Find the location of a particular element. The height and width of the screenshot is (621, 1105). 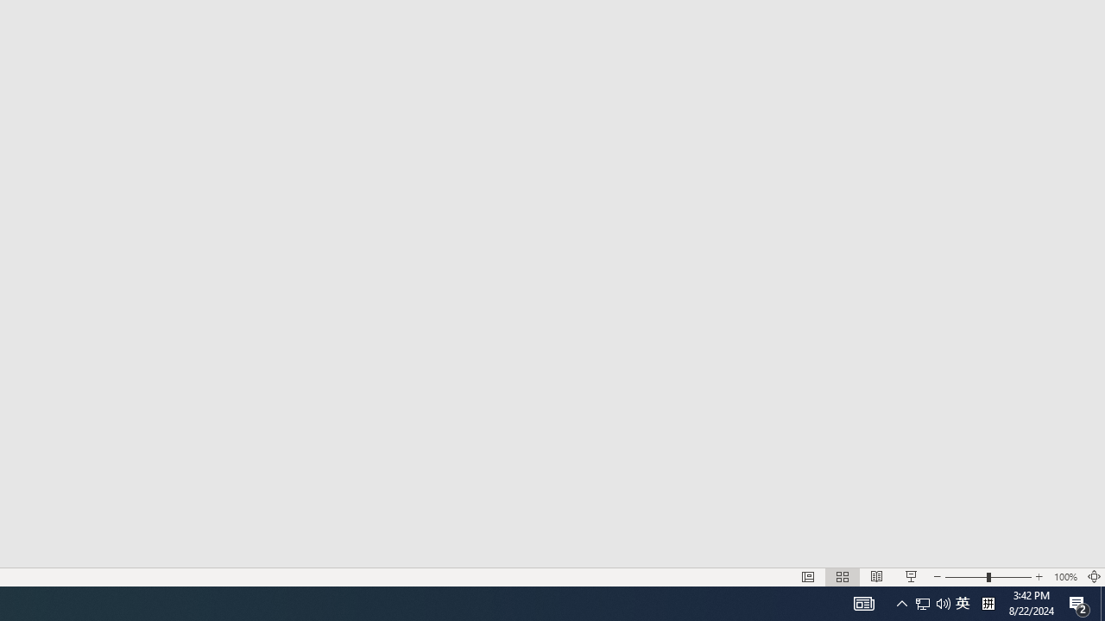

'Zoom 100%' is located at coordinates (1064, 577).